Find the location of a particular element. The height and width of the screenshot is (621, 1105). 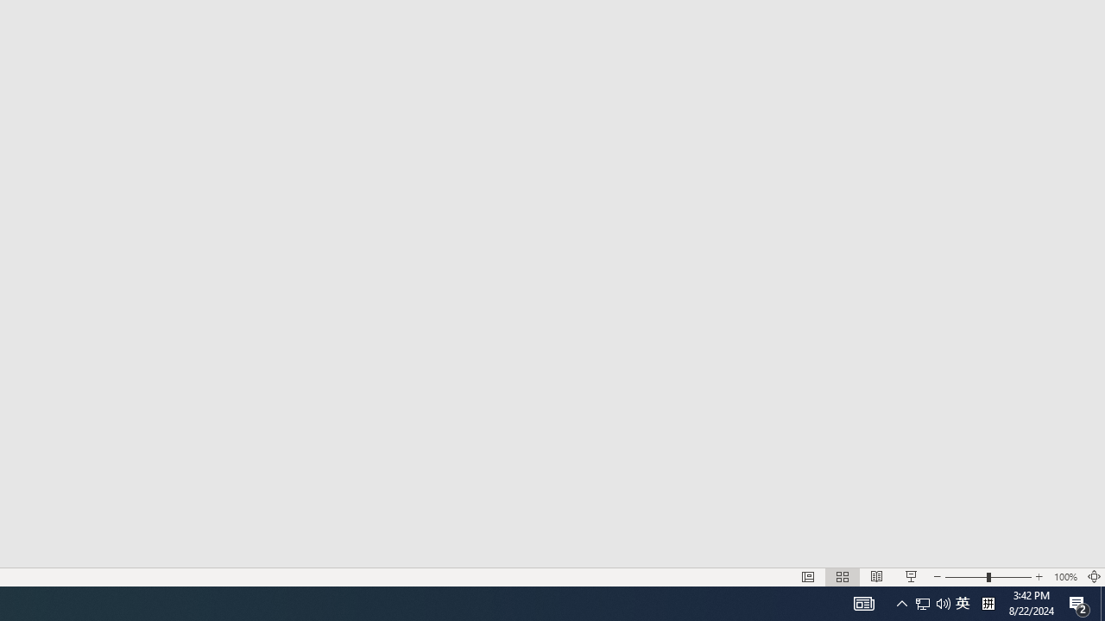

'Zoom 100%' is located at coordinates (1064, 577).